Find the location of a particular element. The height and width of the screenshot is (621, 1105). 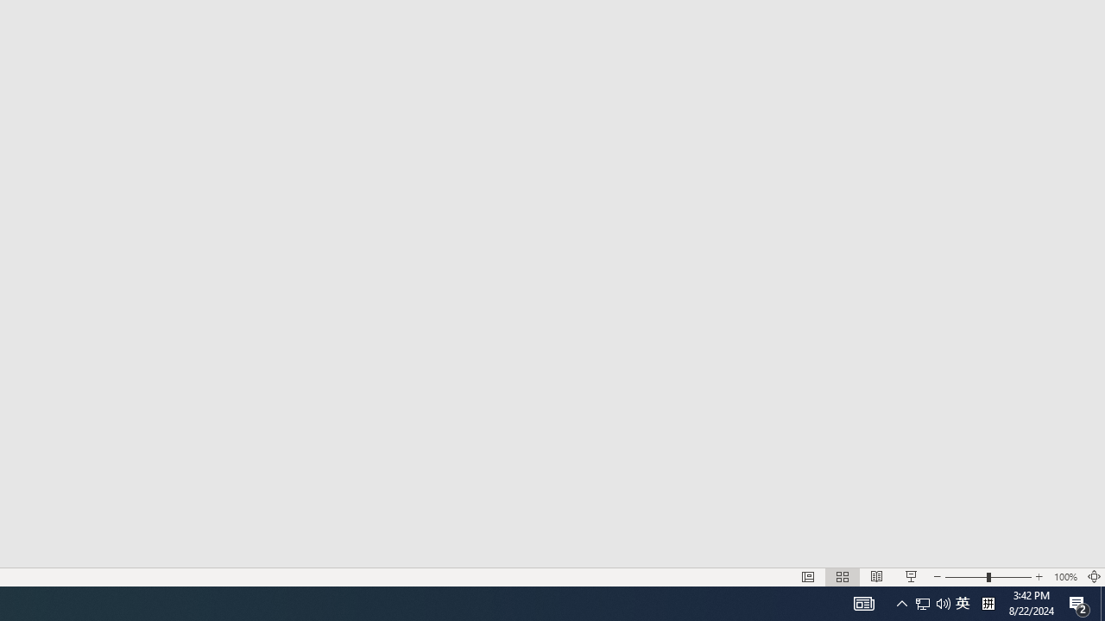

'Zoom 100%' is located at coordinates (1064, 577).